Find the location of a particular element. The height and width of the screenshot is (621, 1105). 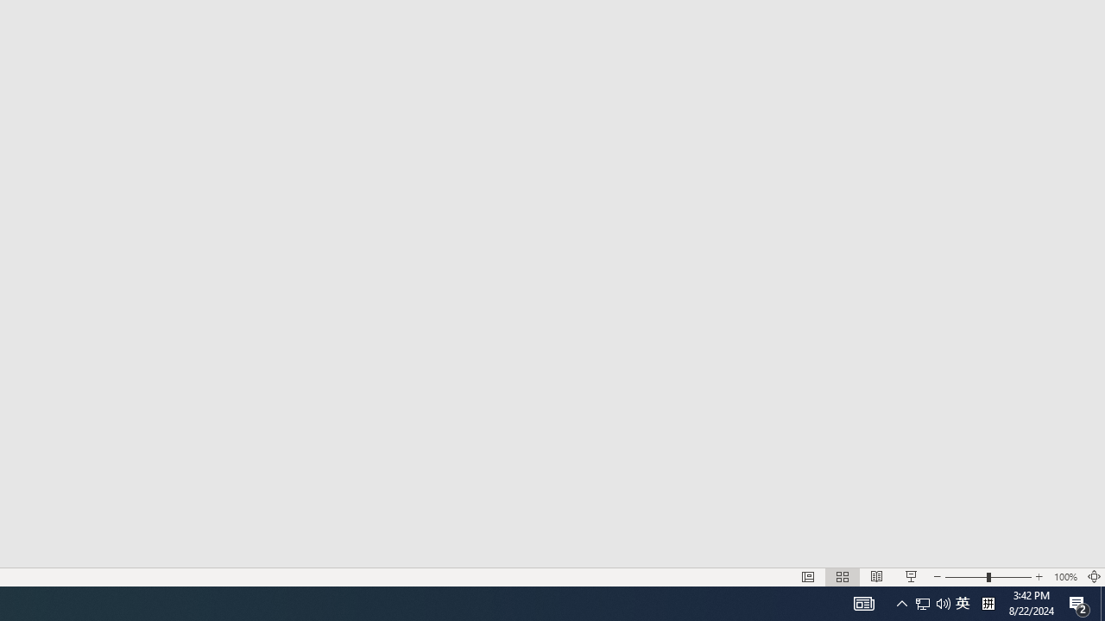

'Zoom 100%' is located at coordinates (1064, 577).